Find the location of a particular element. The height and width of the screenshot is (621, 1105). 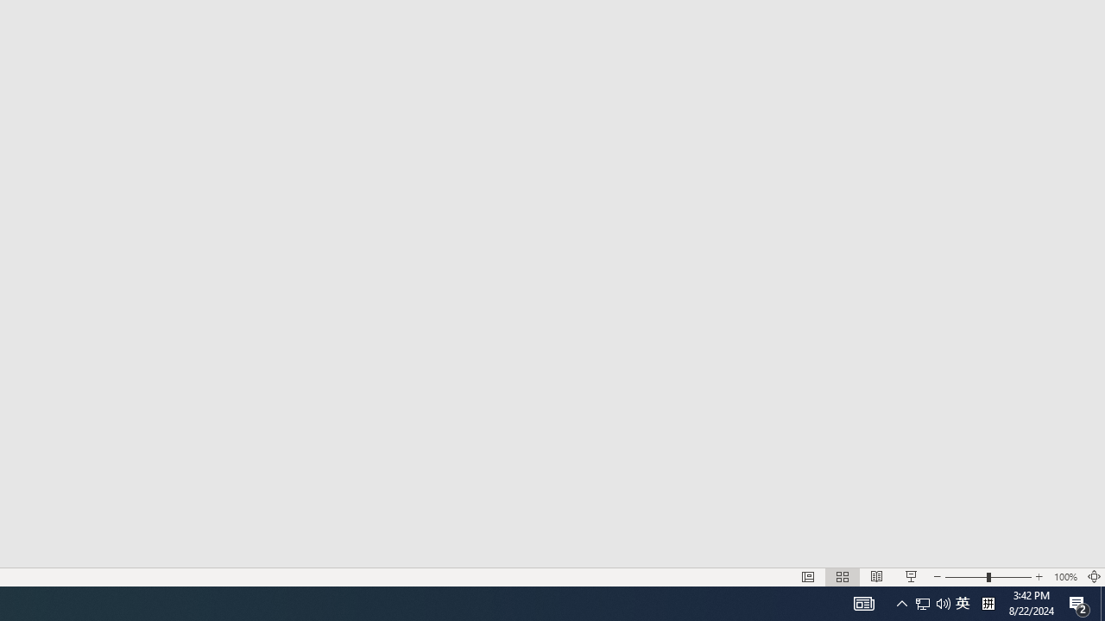

'Zoom 100%' is located at coordinates (1064, 577).